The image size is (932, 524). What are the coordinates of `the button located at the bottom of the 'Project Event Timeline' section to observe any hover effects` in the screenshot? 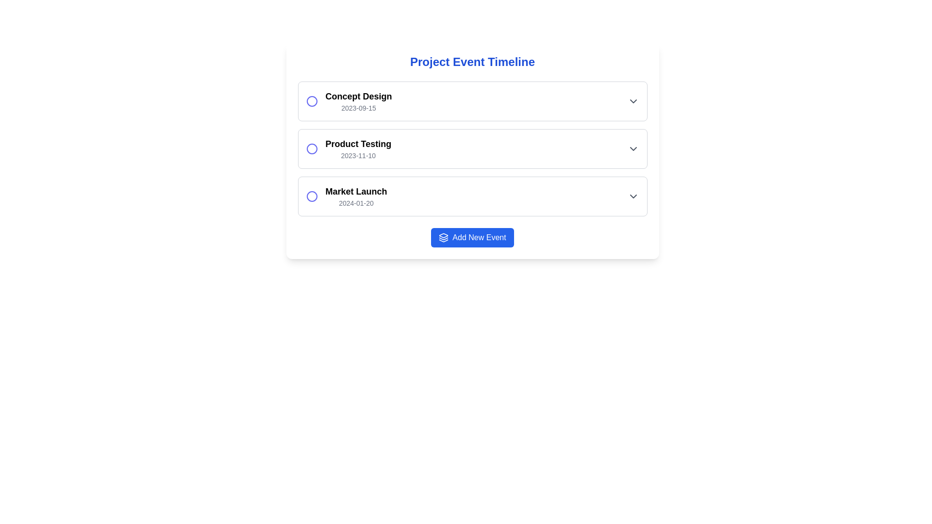 It's located at (472, 237).